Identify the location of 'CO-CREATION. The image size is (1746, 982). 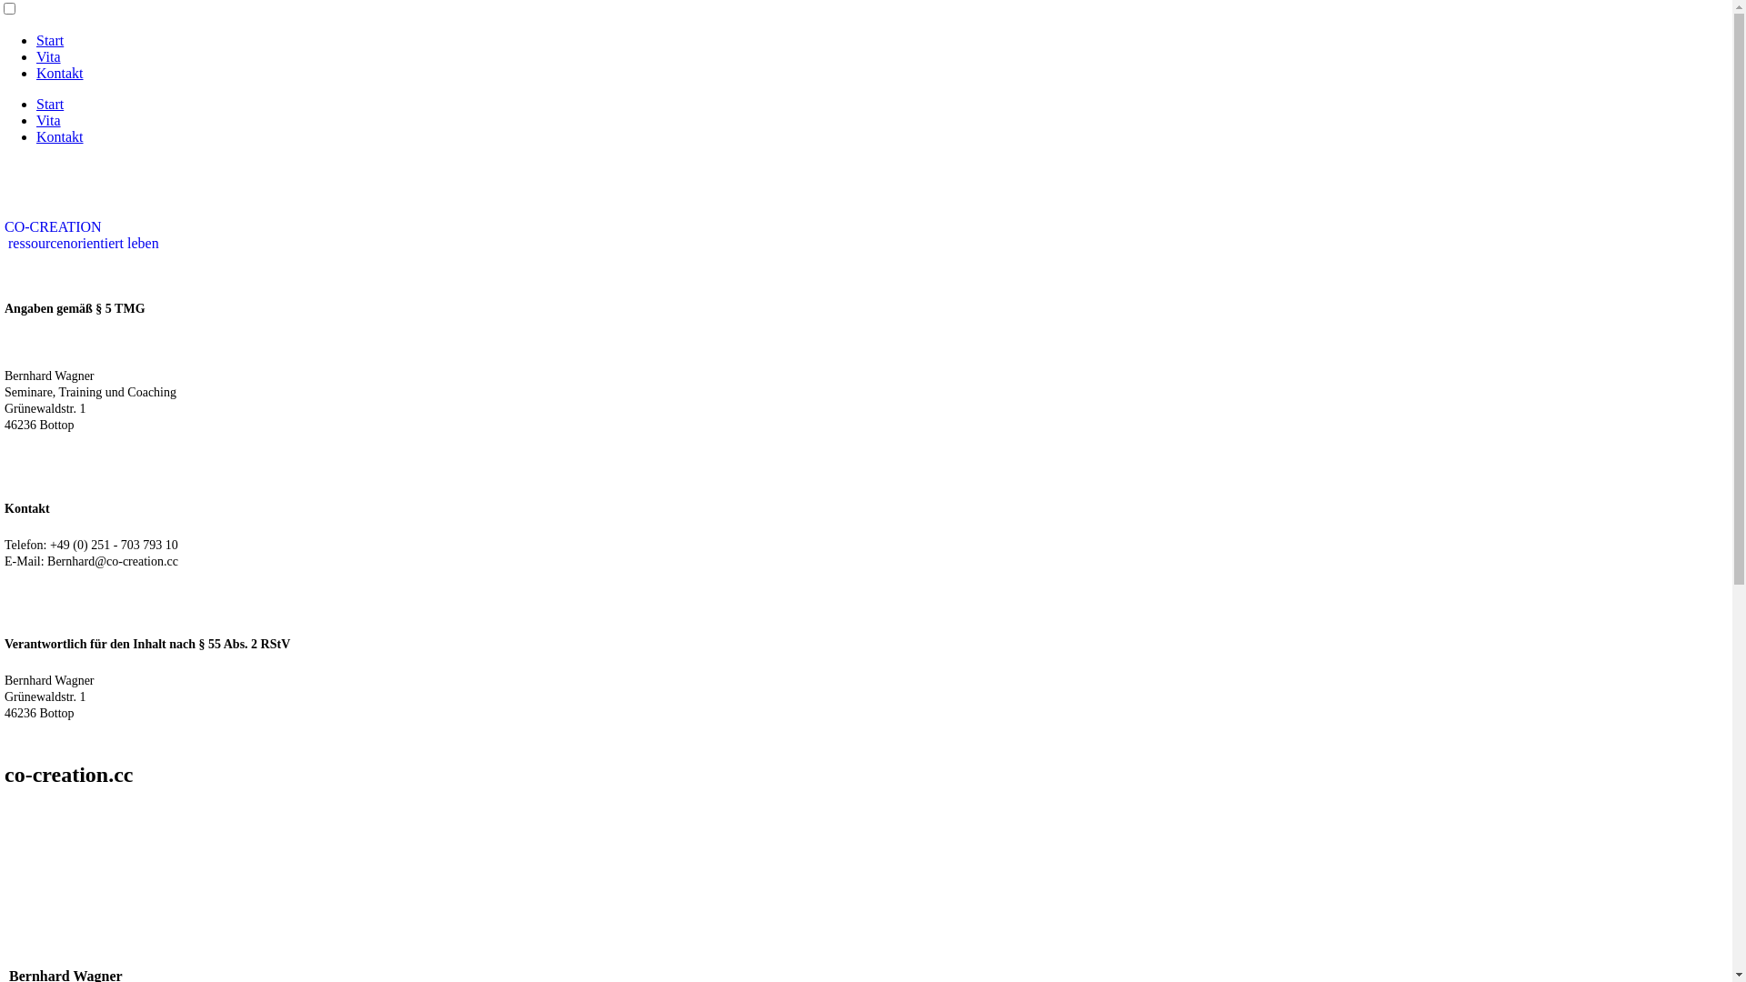
(81, 234).